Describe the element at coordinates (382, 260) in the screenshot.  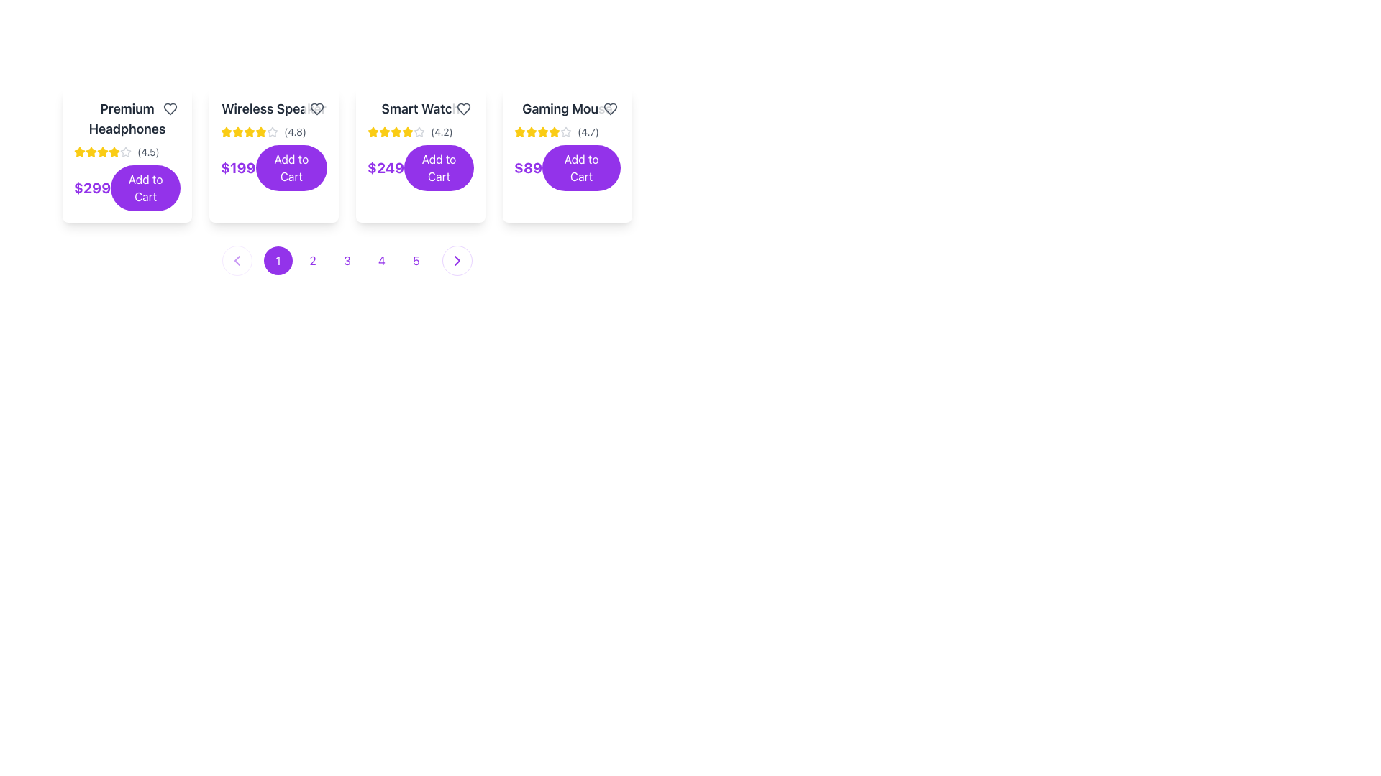
I see `the fourth pagination button` at that location.